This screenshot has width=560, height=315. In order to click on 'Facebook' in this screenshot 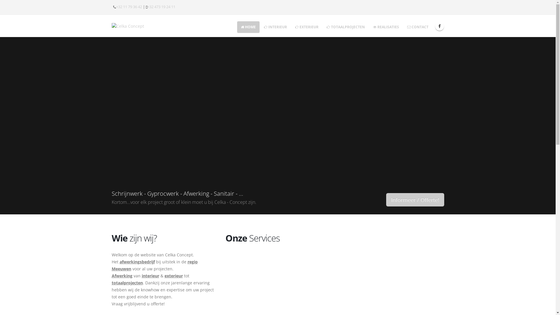, I will do `click(440, 26)`.